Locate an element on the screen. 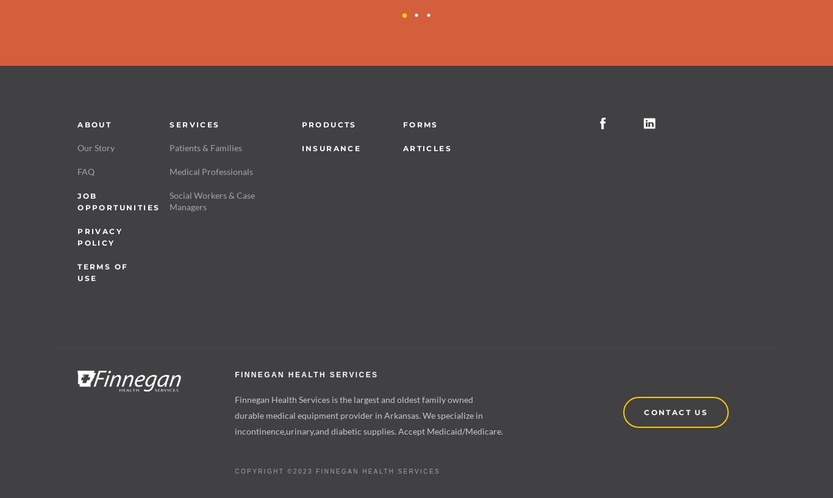 This screenshot has height=498, width=833. 'Patients & Families' is located at coordinates (206, 146).